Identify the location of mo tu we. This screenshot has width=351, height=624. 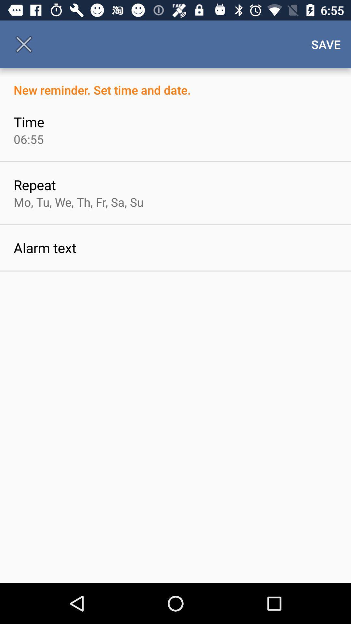
(78, 201).